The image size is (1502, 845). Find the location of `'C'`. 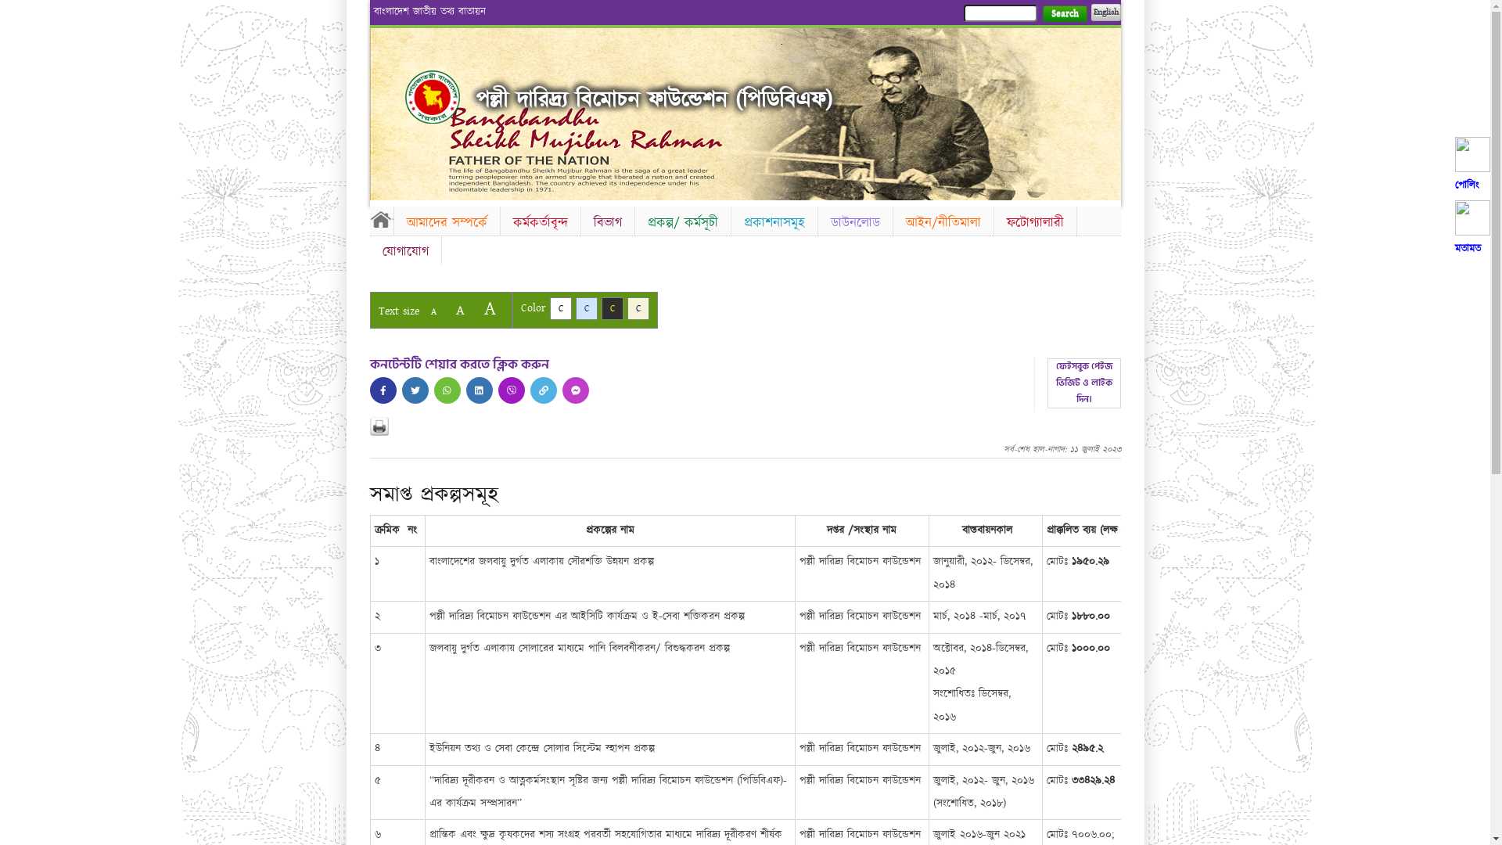

'C' is located at coordinates (559, 308).